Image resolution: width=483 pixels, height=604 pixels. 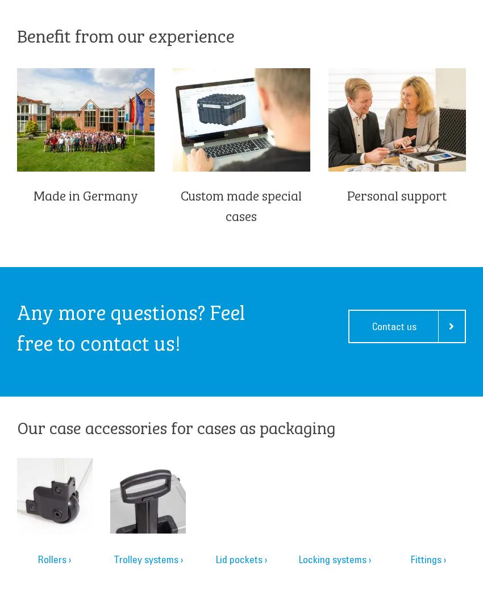 I want to click on 'Our case accessories for cases as packaging', so click(x=16, y=426).